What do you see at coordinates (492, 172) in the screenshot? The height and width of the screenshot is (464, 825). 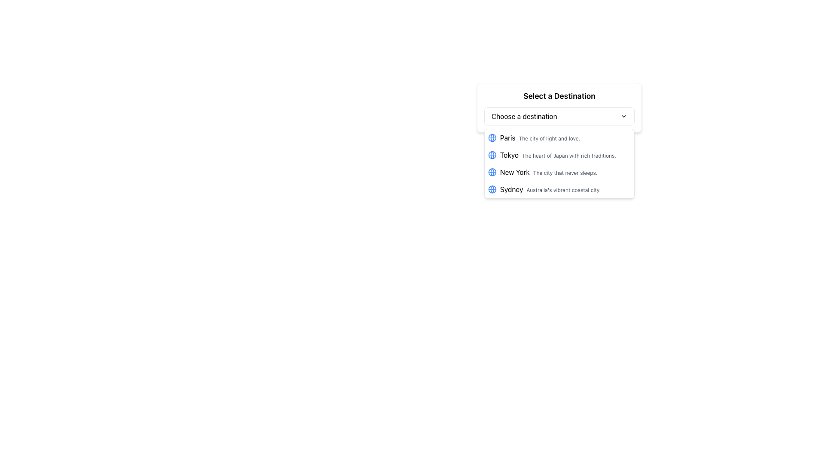 I see `the circular arc component of the globe icon, which is styled with a consistent line thickness and rounded ends, located to the left of the text labels in the dropdown list` at bounding box center [492, 172].